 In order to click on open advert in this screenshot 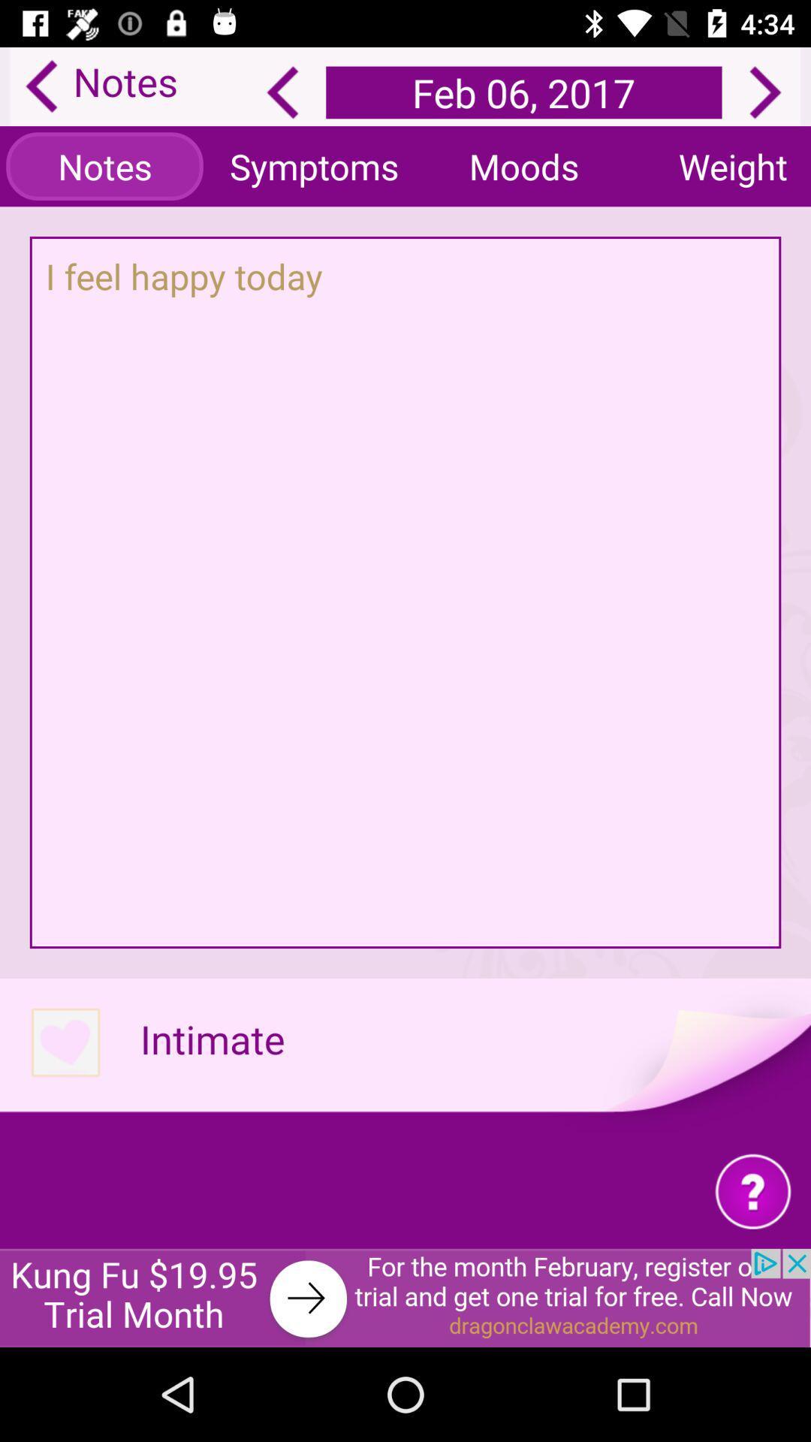, I will do `click(405, 1297)`.